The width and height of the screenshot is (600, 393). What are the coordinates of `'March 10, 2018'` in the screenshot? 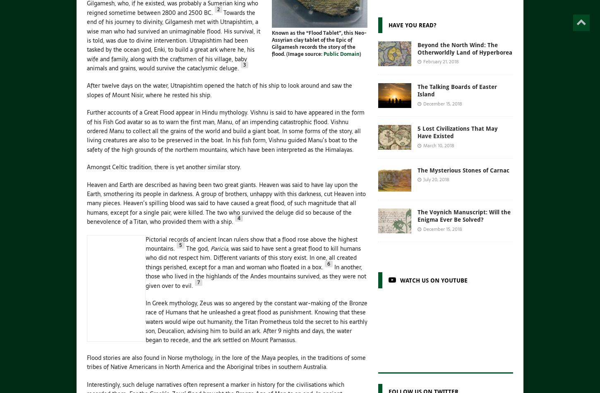 It's located at (438, 145).